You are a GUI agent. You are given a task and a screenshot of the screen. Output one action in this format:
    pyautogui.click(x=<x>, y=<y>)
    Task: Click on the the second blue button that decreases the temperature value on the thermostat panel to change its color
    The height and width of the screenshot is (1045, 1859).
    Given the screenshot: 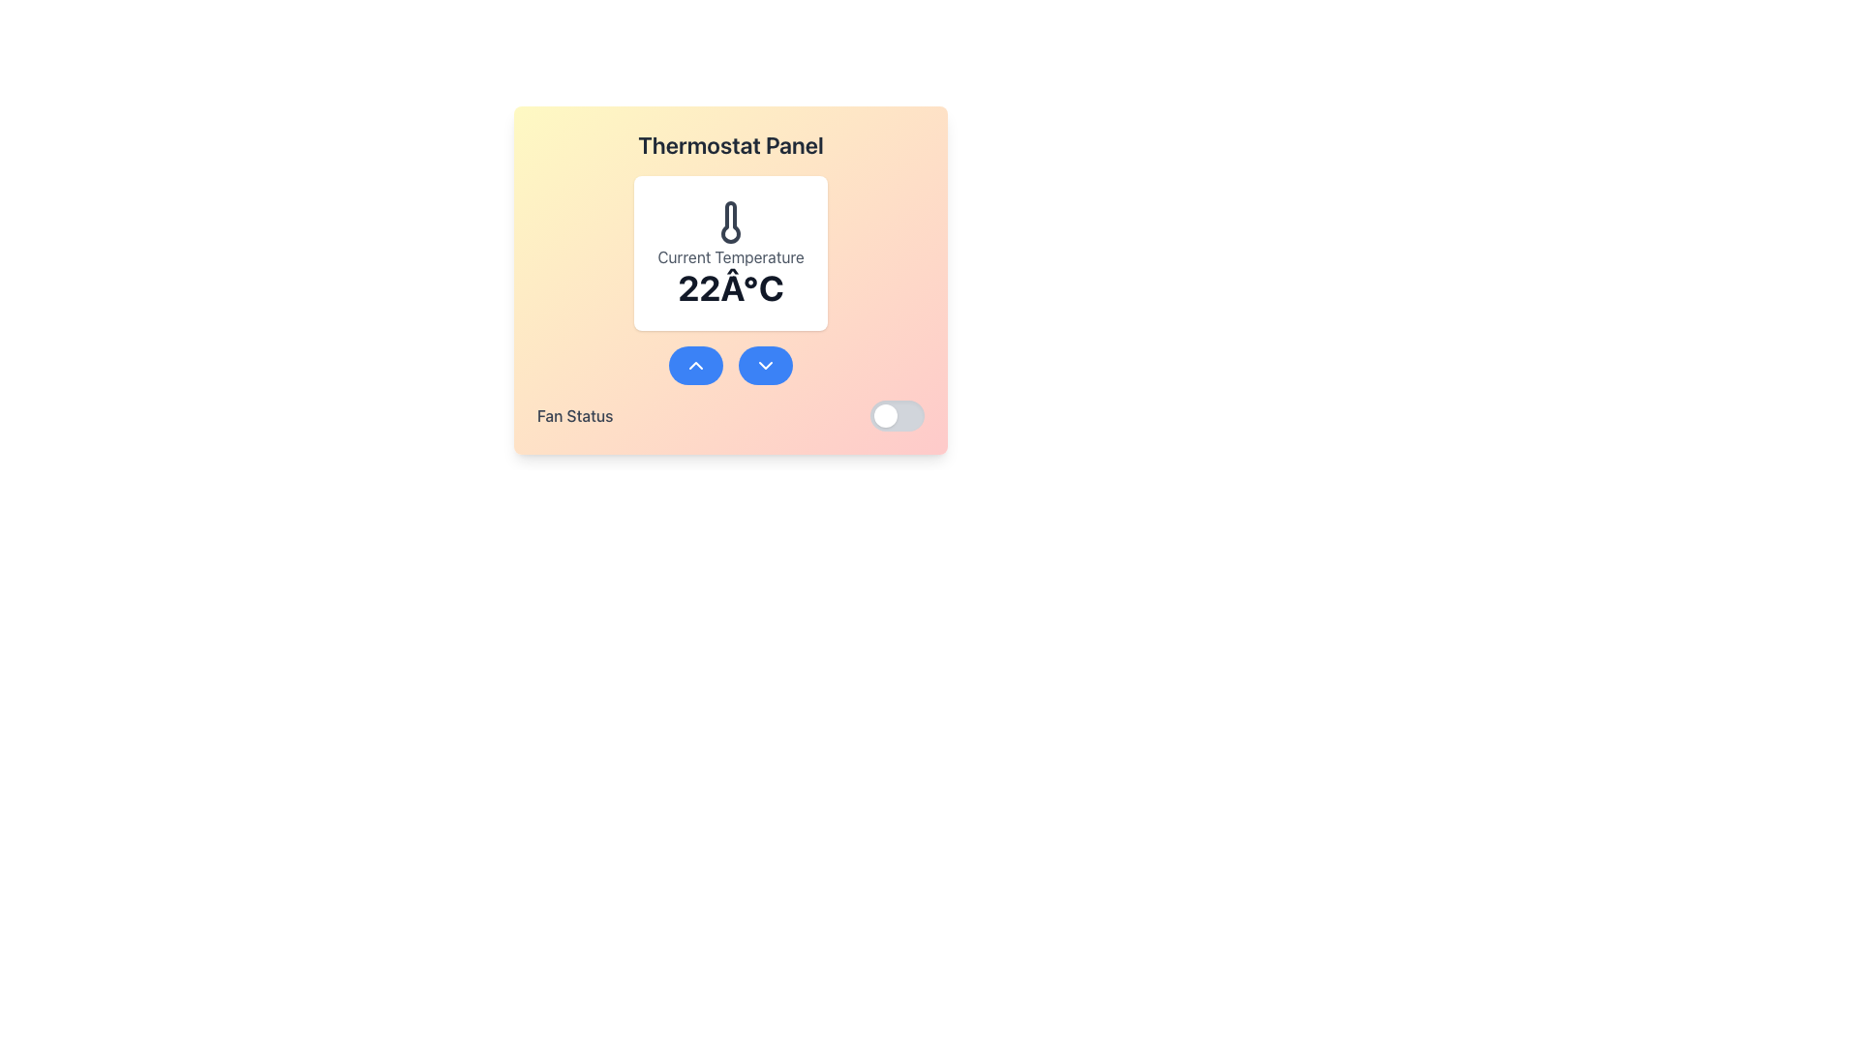 What is the action you would take?
    pyautogui.click(x=765, y=366)
    